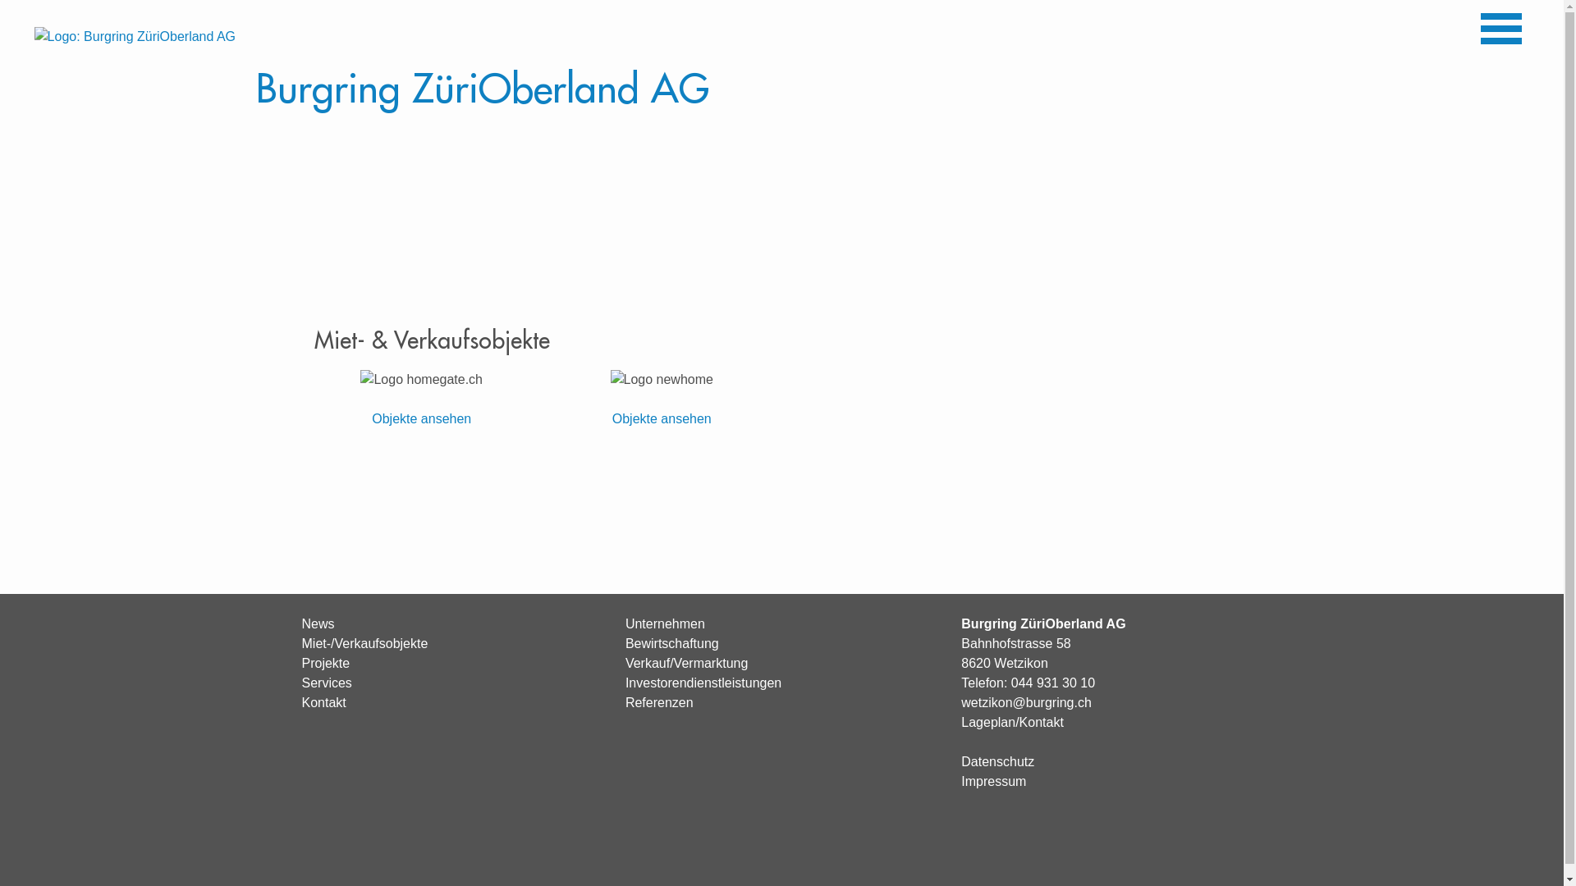 The width and height of the screenshot is (1576, 886). Describe the element at coordinates (992, 780) in the screenshot. I see `'Impressum'` at that location.